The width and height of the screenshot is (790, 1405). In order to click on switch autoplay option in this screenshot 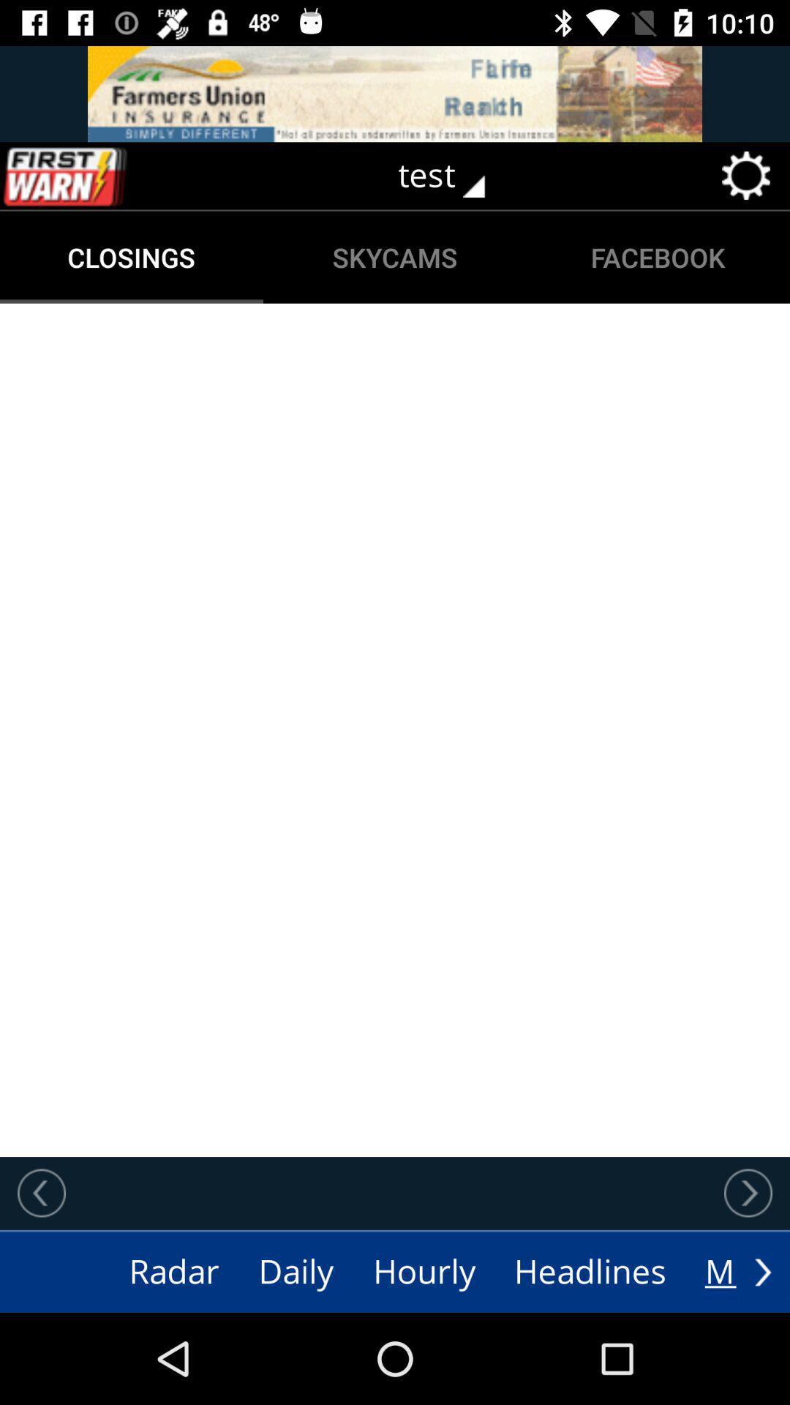, I will do `click(395, 93)`.